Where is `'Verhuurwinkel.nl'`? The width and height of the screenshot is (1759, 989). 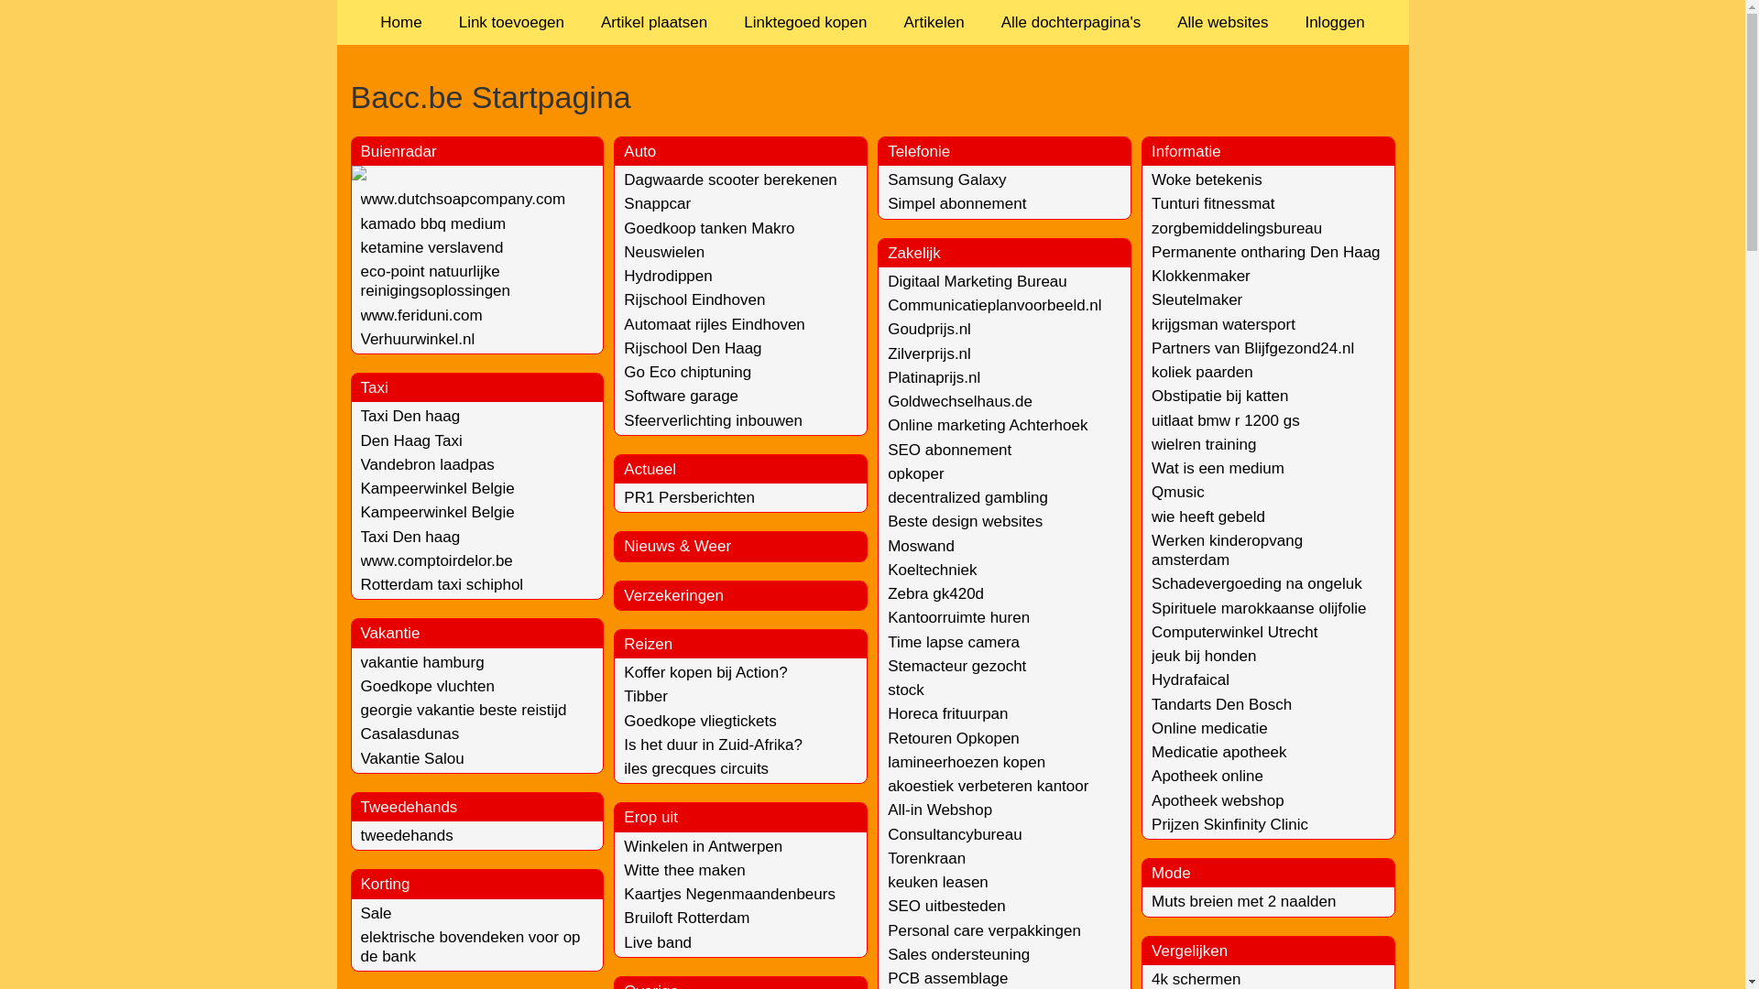 'Verhuurwinkel.nl' is located at coordinates (417, 339).